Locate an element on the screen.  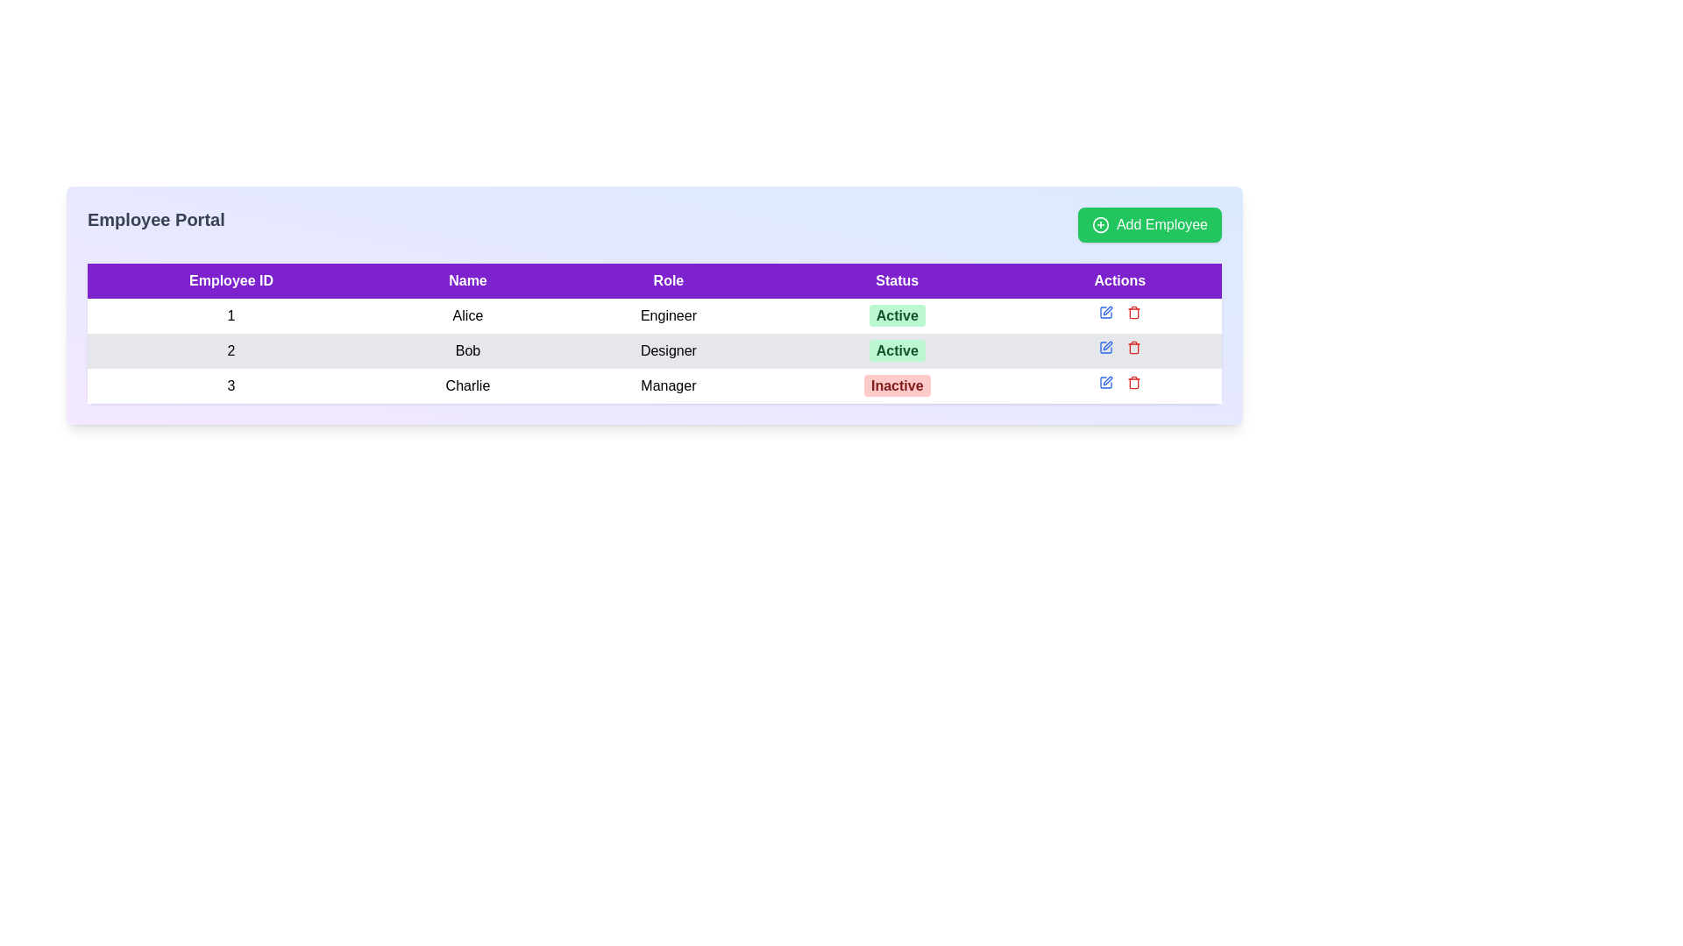
the edit button in the 'Actions' column of the second row corresponding to user 'Bob' is located at coordinates (1106, 309).